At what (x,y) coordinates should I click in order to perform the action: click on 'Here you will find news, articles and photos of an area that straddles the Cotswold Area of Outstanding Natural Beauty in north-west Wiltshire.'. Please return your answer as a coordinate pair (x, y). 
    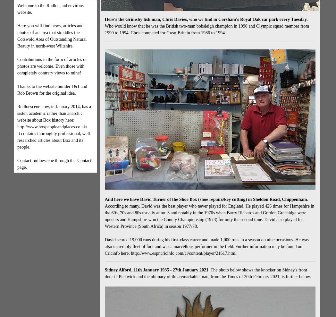
    Looking at the image, I should click on (17, 36).